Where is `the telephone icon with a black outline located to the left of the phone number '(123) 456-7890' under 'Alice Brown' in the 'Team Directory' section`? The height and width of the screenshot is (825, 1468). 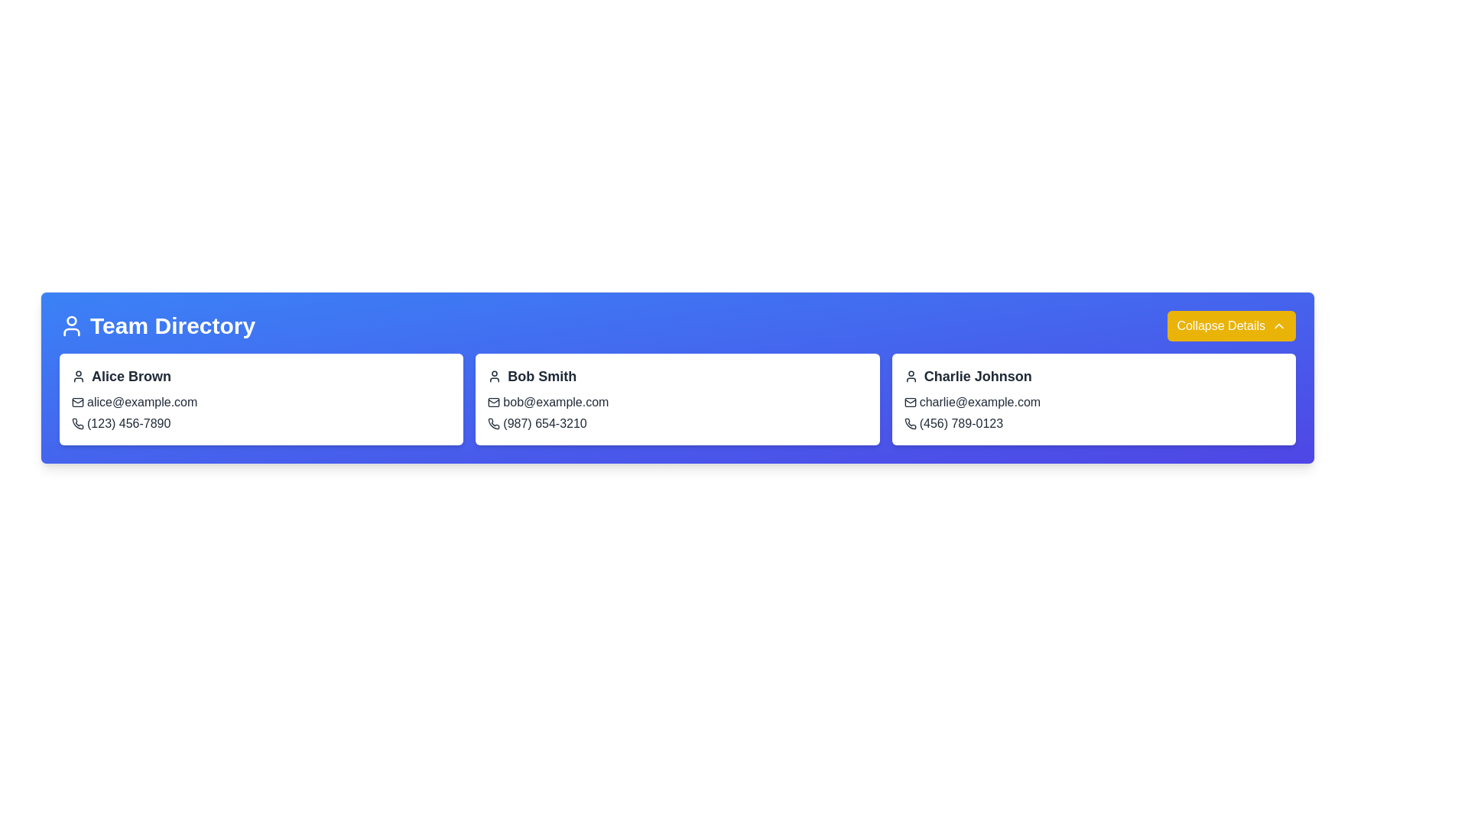 the telephone icon with a black outline located to the left of the phone number '(123) 456-7890' under 'Alice Brown' in the 'Team Directory' section is located at coordinates (76, 424).